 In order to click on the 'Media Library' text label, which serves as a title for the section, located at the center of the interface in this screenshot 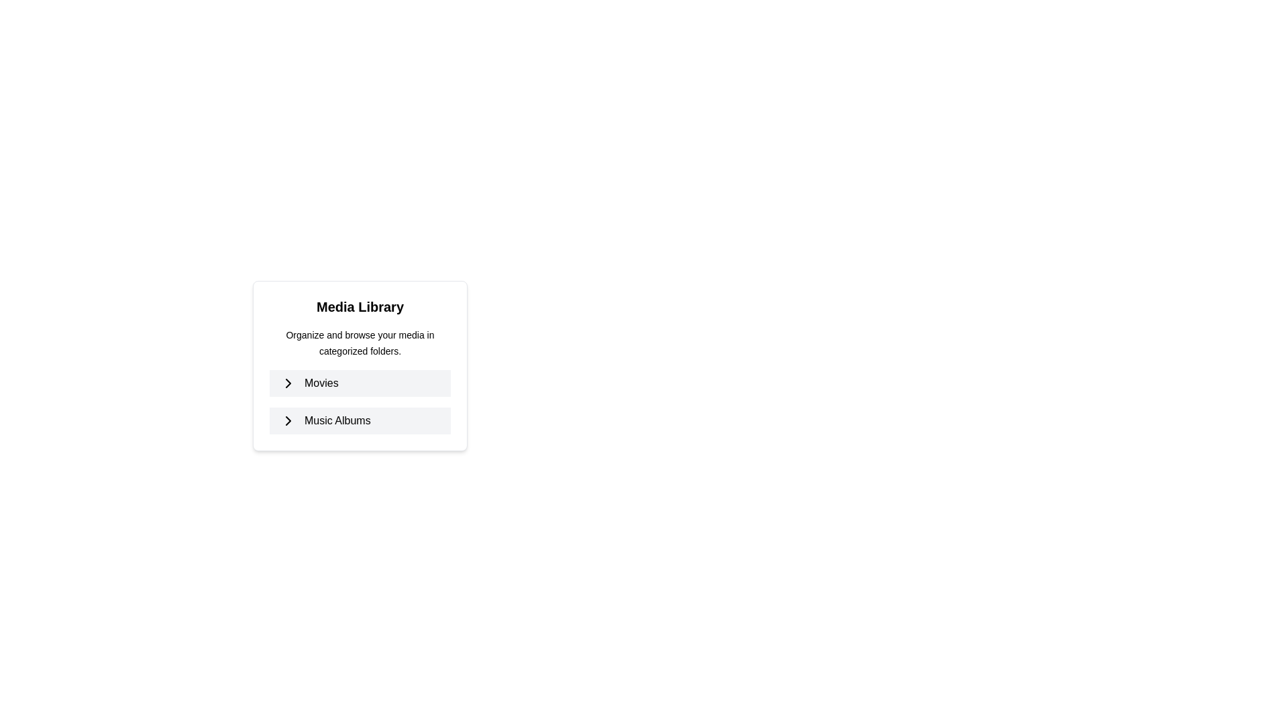, I will do `click(360, 307)`.